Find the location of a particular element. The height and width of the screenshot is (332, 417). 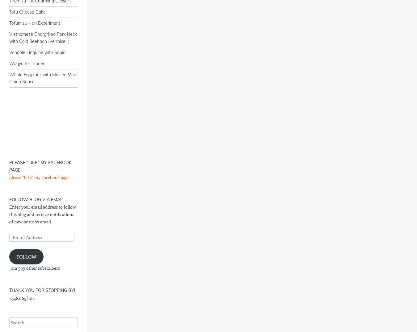

'Thank you for stopping by!' is located at coordinates (42, 290).